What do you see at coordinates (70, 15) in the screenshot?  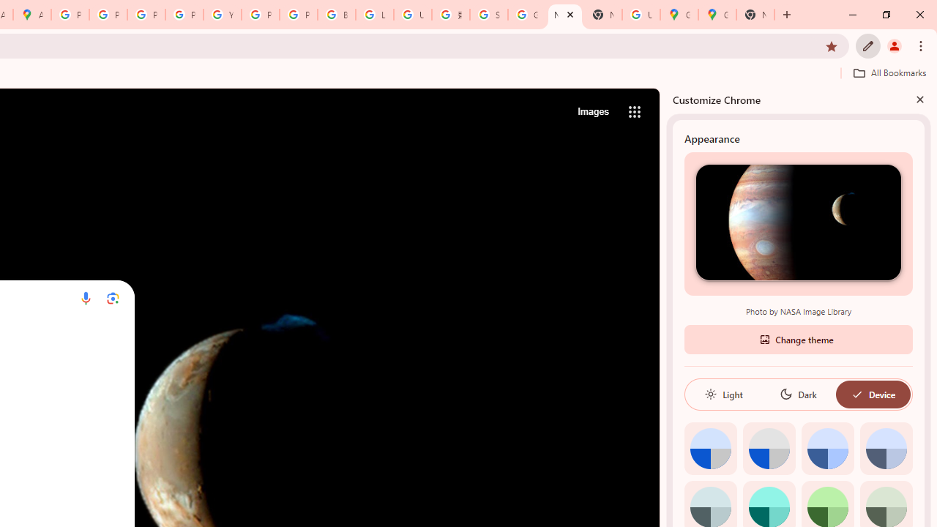 I see `'Policy Accountability and Transparency - Transparency Center'` at bounding box center [70, 15].